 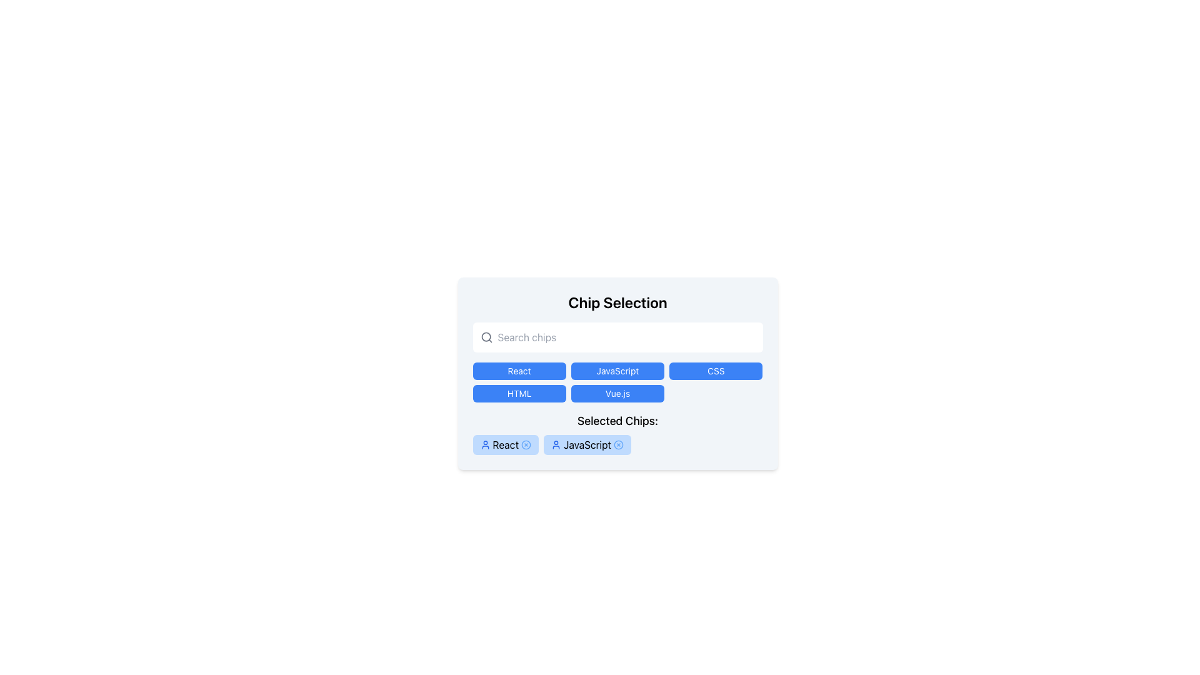 What do you see at coordinates (618, 444) in the screenshot?
I see `the SVG circle element that serves as the close or cancel symbol for the 'JavaScript' chip in the 'Selected Chips' section to initiate a remove or deselect action` at bounding box center [618, 444].